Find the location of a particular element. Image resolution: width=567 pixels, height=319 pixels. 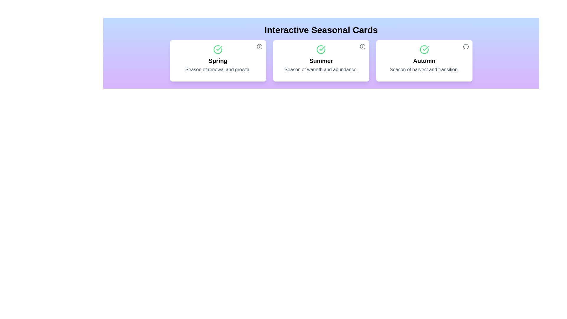

text label containing the phrase 'Season of renewal and growth.' which is styled with a light gray font and located below the title 'Spring' in a centered card is located at coordinates (218, 69).